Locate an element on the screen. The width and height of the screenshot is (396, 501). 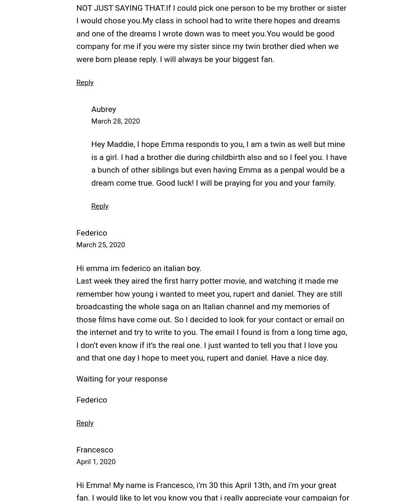
'Aubrey' is located at coordinates (103, 108).